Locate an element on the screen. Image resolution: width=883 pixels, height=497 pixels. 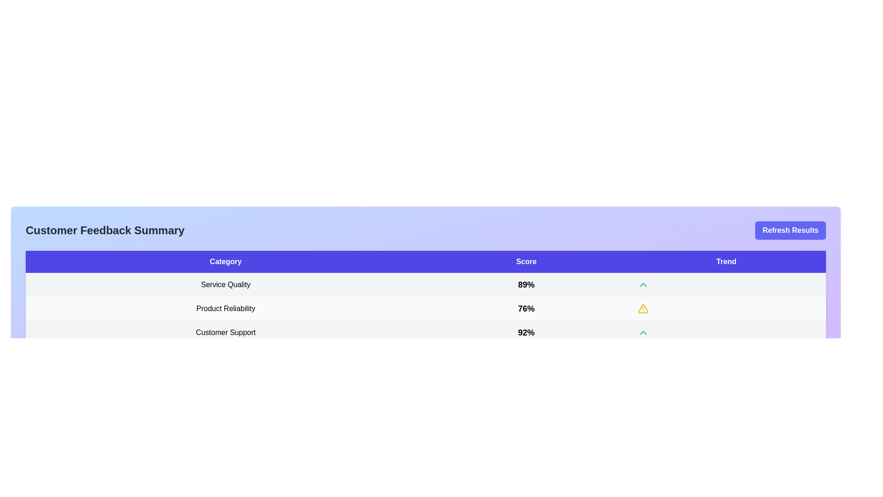
the row corresponding to Product Reliability to highlight it is located at coordinates (425, 309).